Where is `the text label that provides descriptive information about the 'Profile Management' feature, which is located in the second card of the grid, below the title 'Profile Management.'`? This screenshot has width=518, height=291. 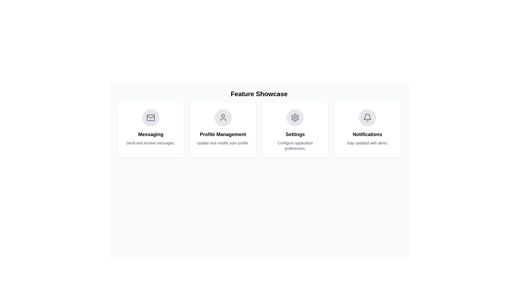 the text label that provides descriptive information about the 'Profile Management' feature, which is located in the second card of the grid, below the title 'Profile Management.' is located at coordinates (223, 143).